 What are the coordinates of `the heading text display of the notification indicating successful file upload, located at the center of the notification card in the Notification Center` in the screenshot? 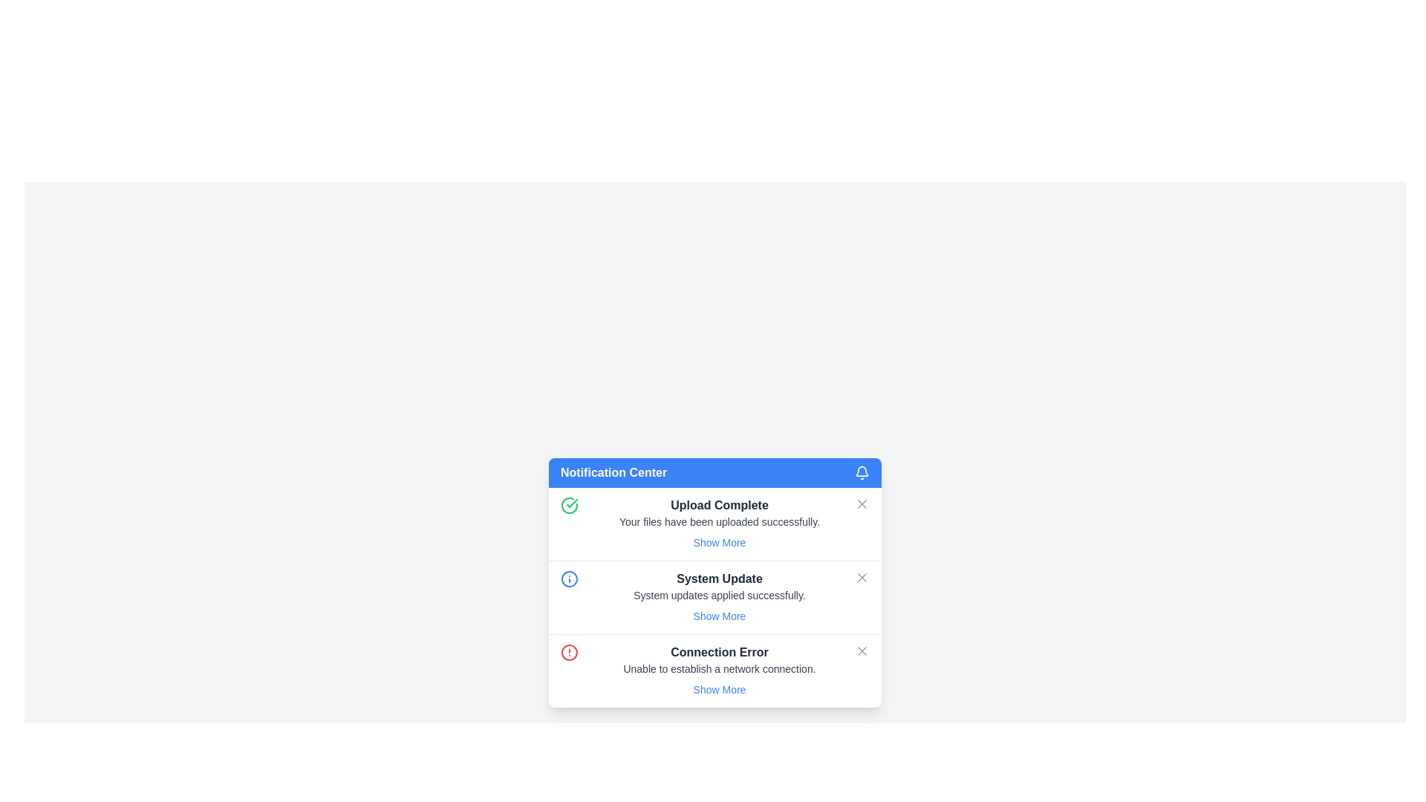 It's located at (720, 505).